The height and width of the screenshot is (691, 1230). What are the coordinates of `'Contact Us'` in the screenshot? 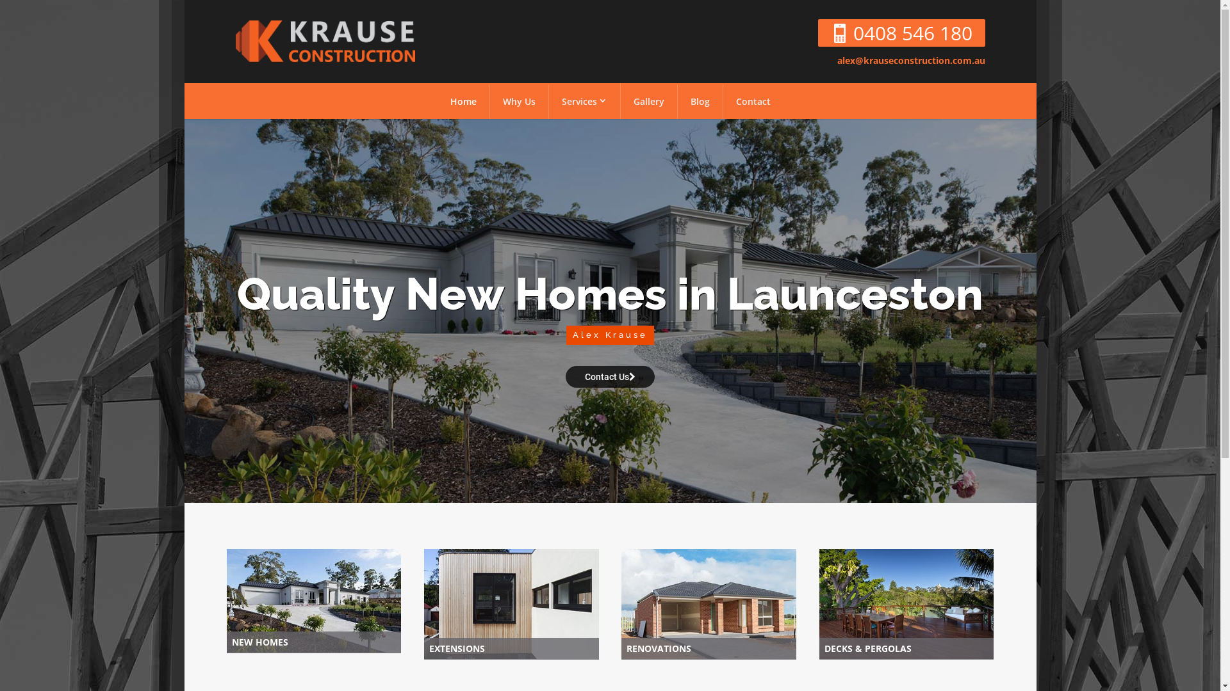 It's located at (564, 376).